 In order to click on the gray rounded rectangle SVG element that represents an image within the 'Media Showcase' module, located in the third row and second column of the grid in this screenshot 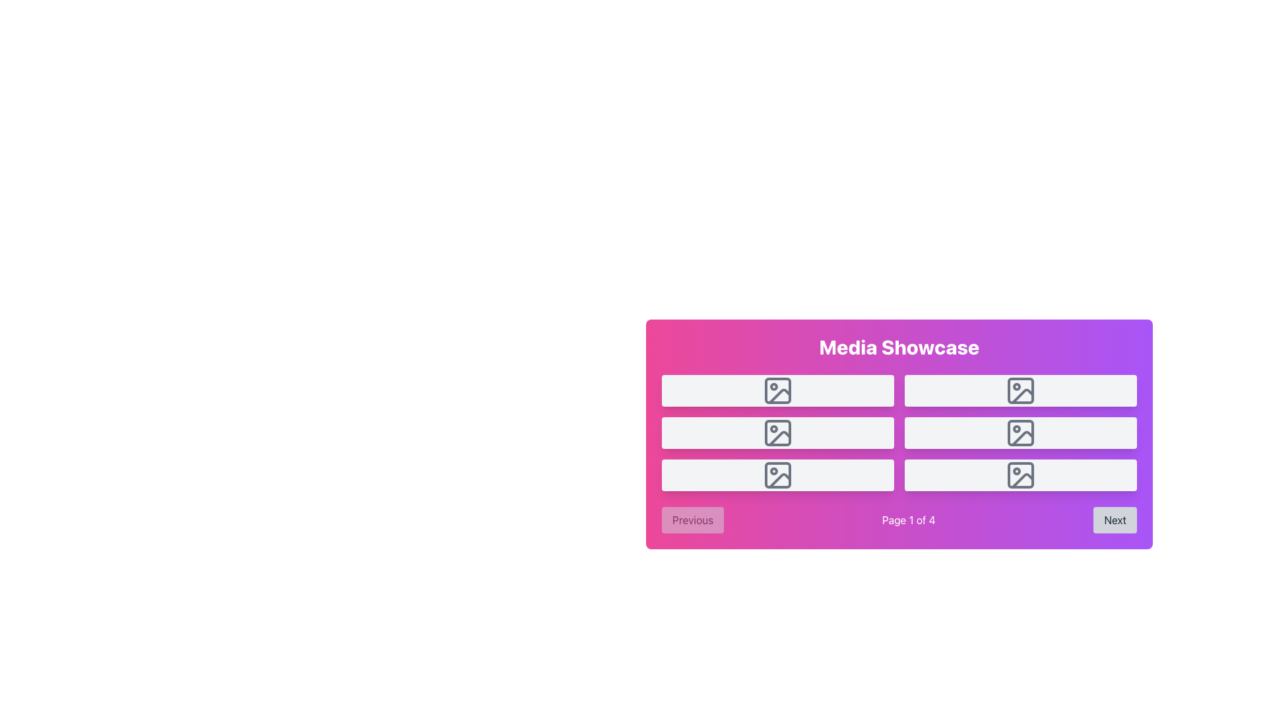, I will do `click(778, 475)`.